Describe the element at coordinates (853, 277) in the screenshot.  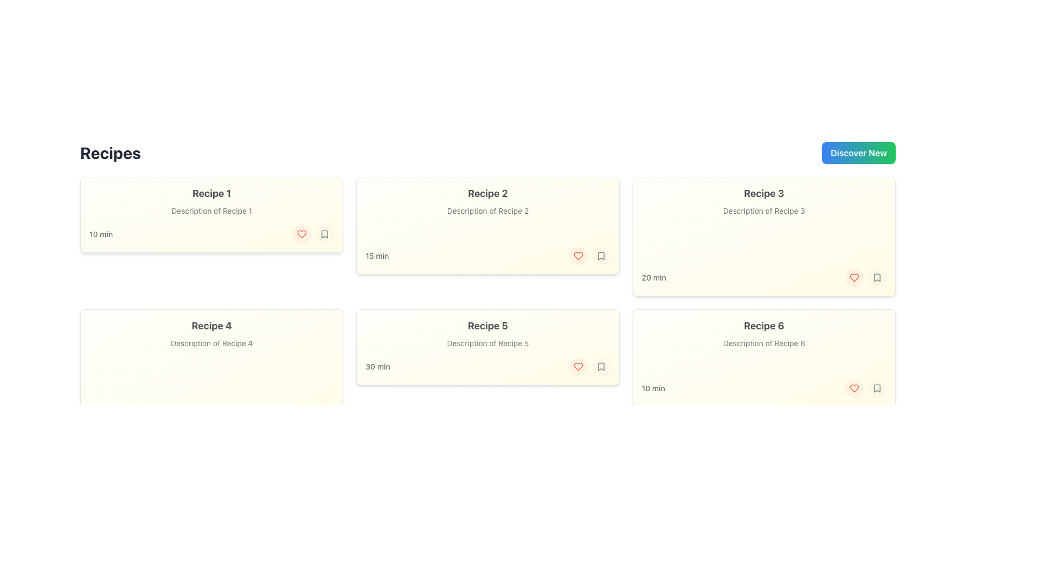
I see `the 'favorite' button located in the bottom-right corner of the third recipe card labeled 'Recipe 3'` at that location.